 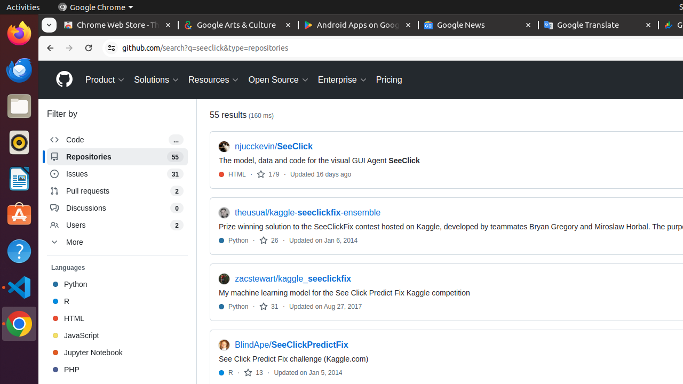 I want to click on '179 stars', so click(x=268, y=173).